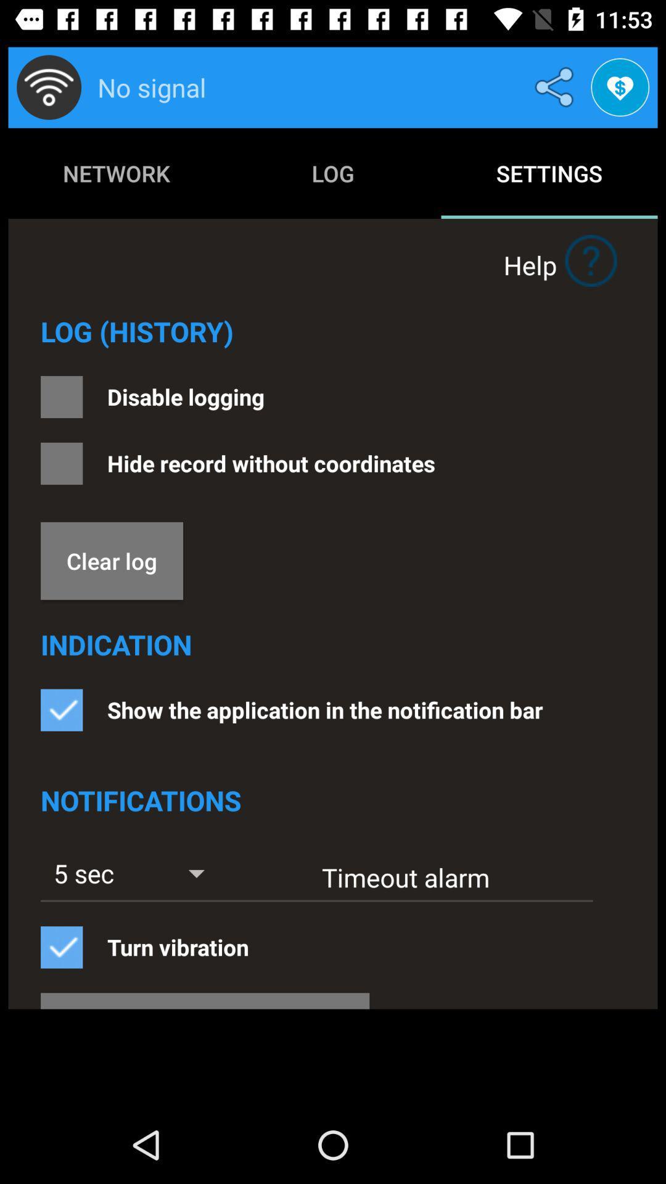  Describe the element at coordinates (620, 86) in the screenshot. I see `the favorite icon` at that location.